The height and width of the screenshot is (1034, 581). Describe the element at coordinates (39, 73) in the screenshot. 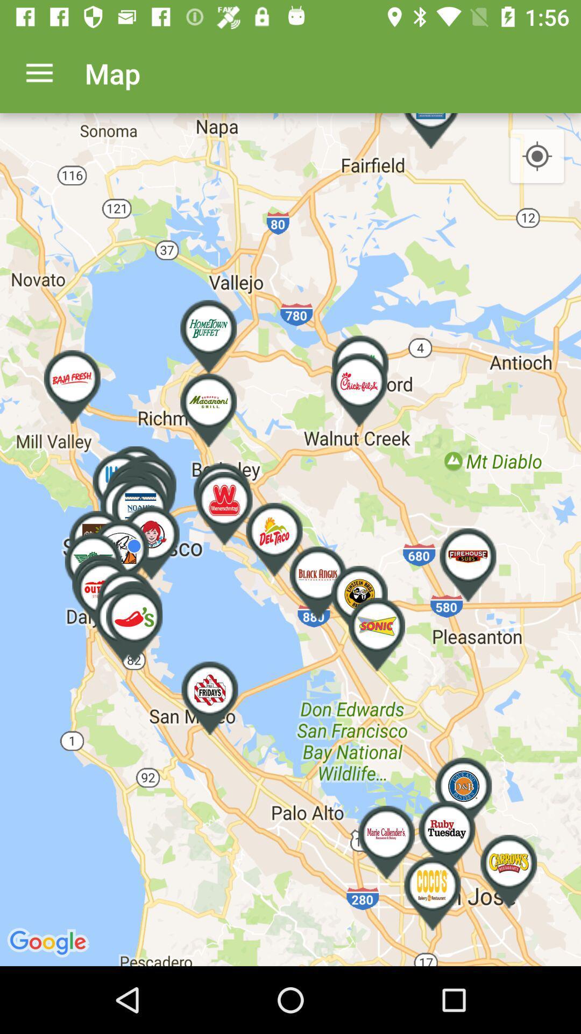

I see `item next to map` at that location.